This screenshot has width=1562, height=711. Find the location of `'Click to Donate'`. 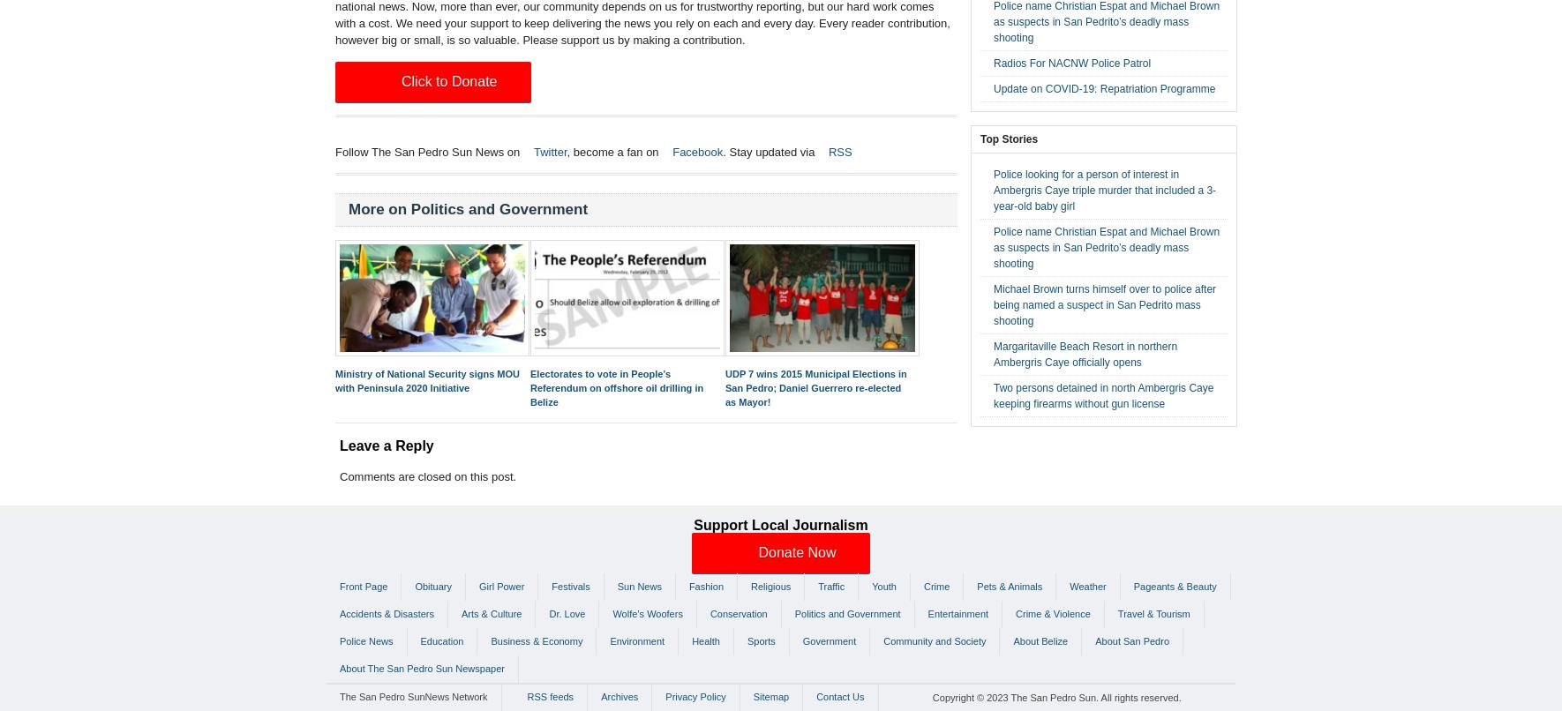

'Click to Donate' is located at coordinates (402, 80).